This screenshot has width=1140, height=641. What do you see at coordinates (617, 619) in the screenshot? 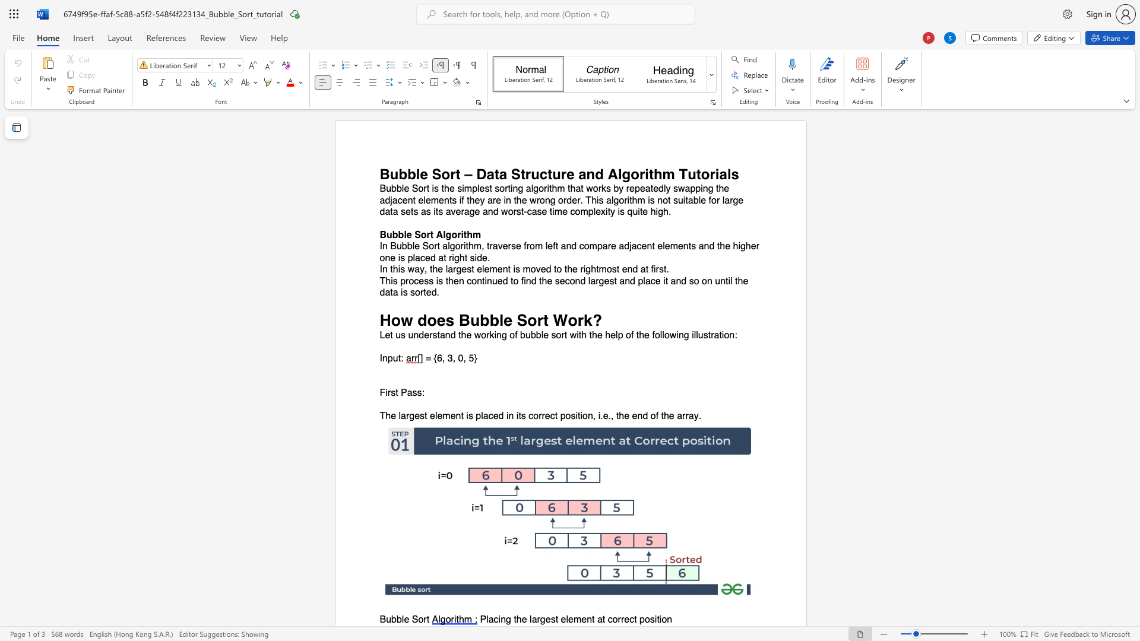
I see `the space between the continuous character "o" and "r" in the text` at bounding box center [617, 619].